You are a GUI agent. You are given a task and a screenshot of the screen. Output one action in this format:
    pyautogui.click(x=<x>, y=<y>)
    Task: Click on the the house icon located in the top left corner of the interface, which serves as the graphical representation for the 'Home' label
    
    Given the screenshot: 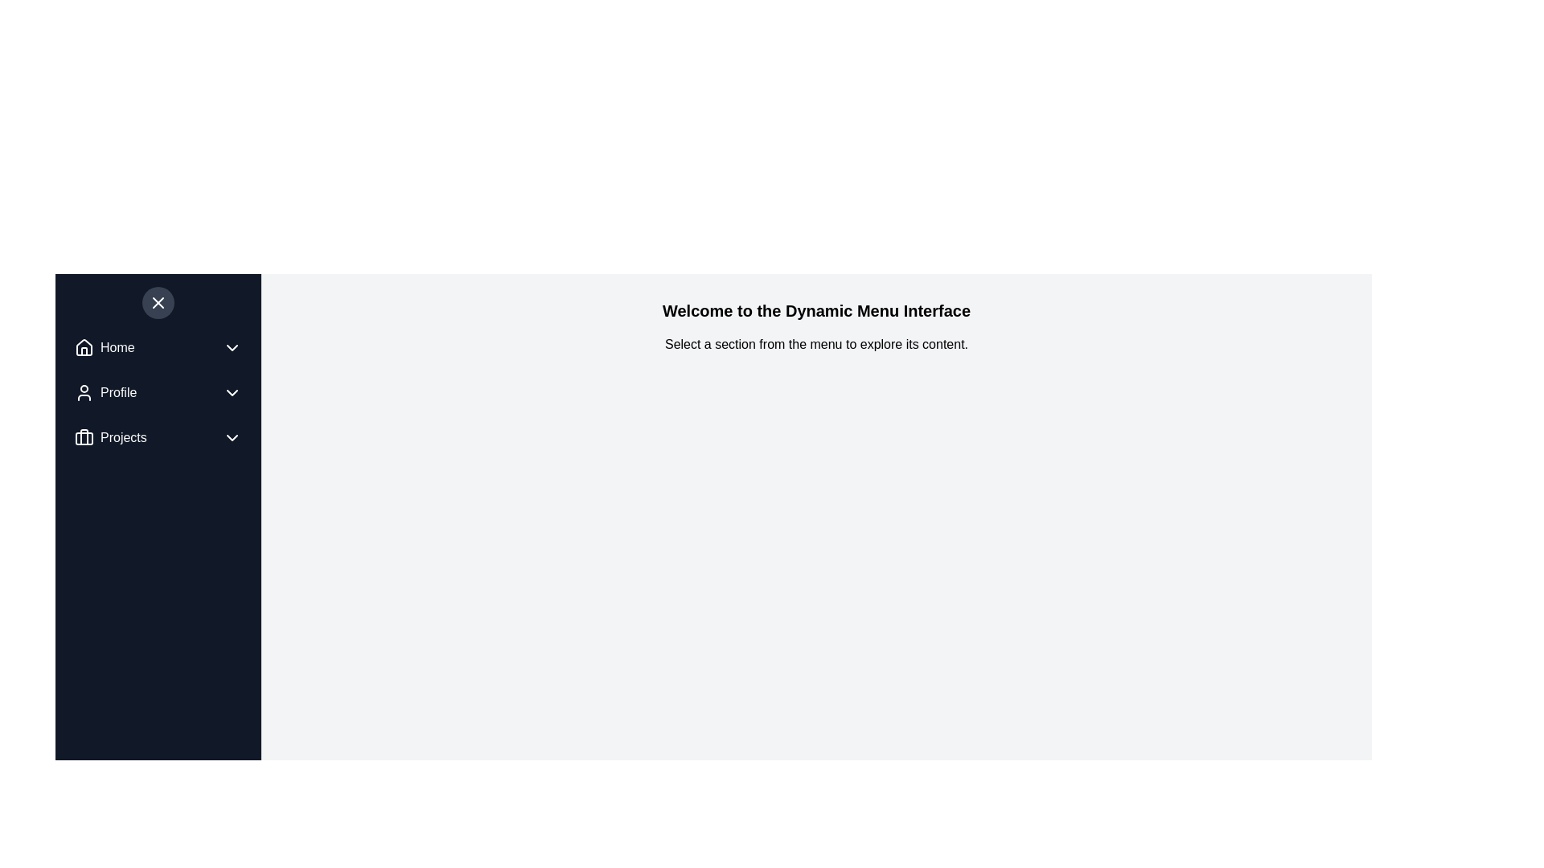 What is the action you would take?
    pyautogui.click(x=84, y=346)
    